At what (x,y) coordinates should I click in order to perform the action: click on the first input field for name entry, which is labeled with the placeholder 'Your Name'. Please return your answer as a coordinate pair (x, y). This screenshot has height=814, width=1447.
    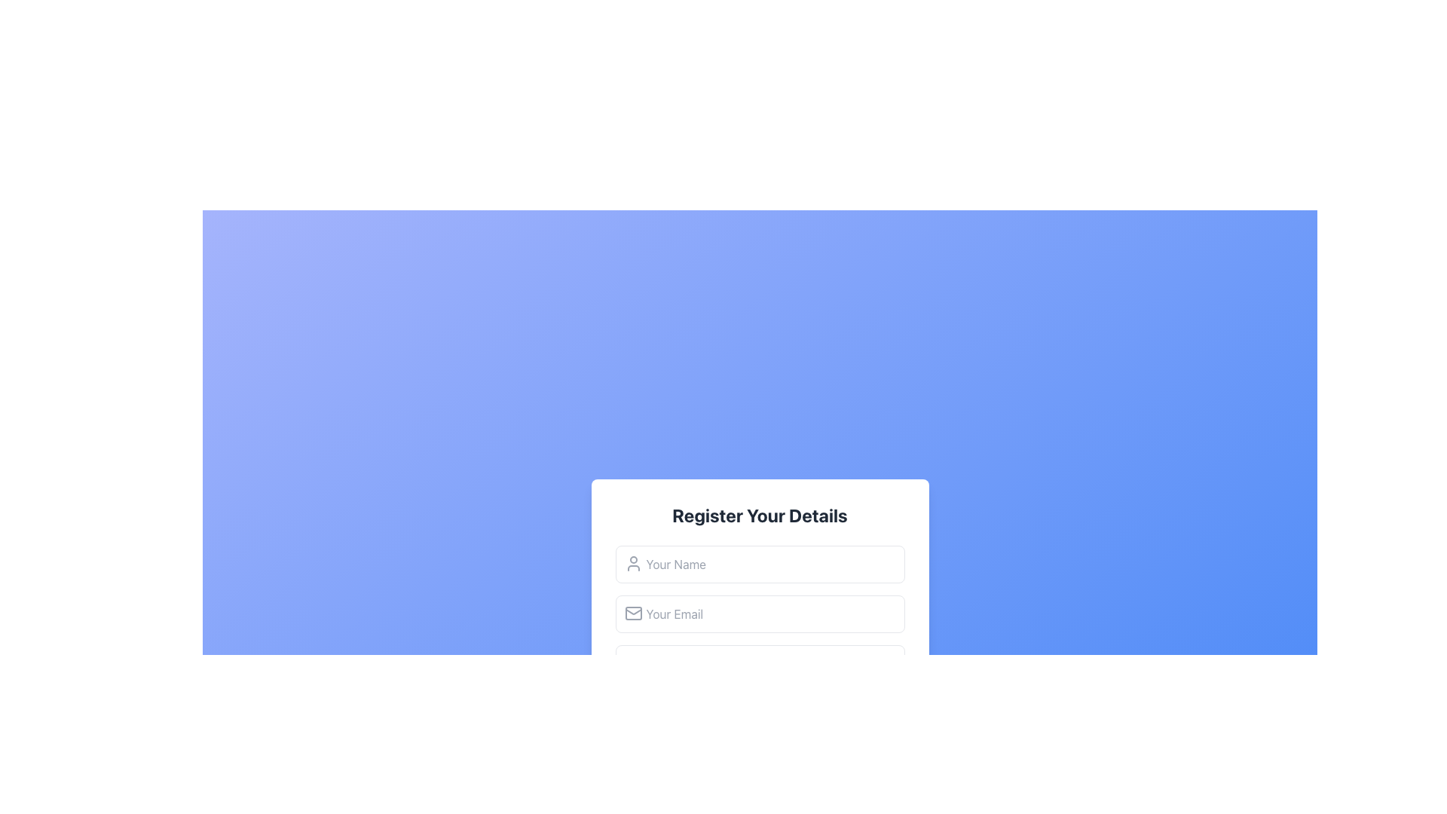
    Looking at the image, I should click on (760, 564).